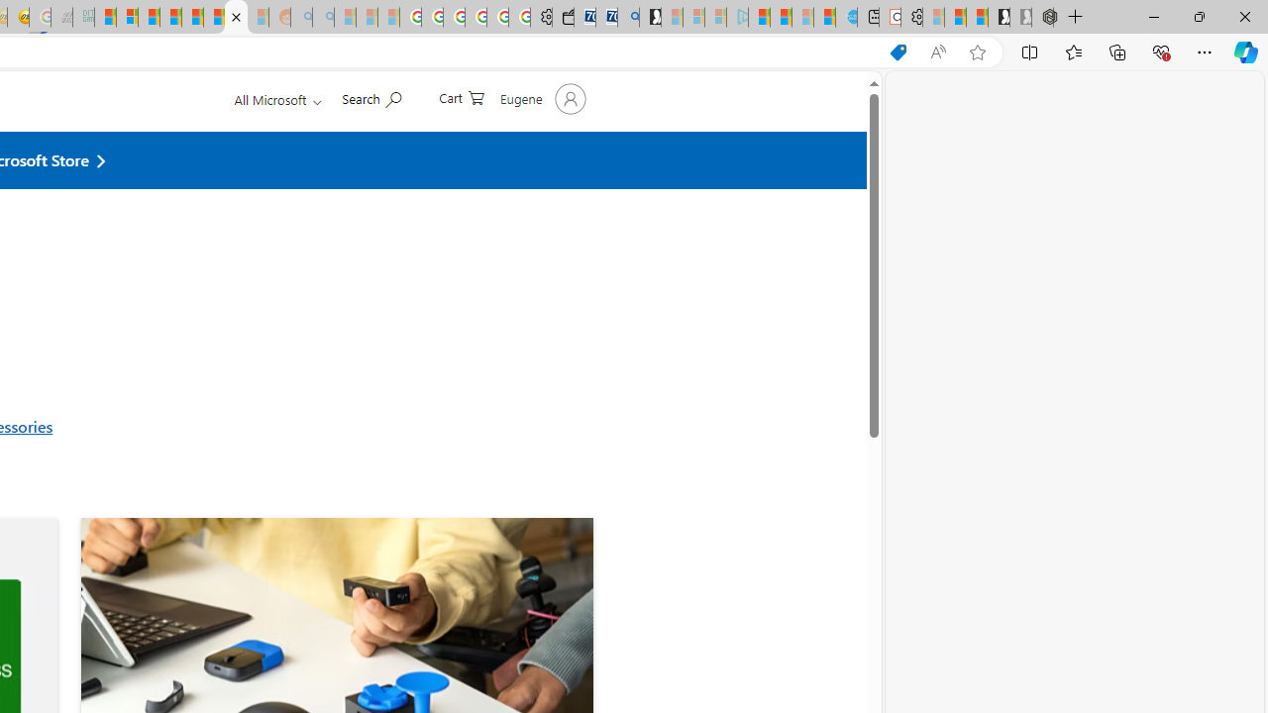  What do you see at coordinates (627, 17) in the screenshot?
I see `'Bing Real Estate - Home sales and rental listings'` at bounding box center [627, 17].